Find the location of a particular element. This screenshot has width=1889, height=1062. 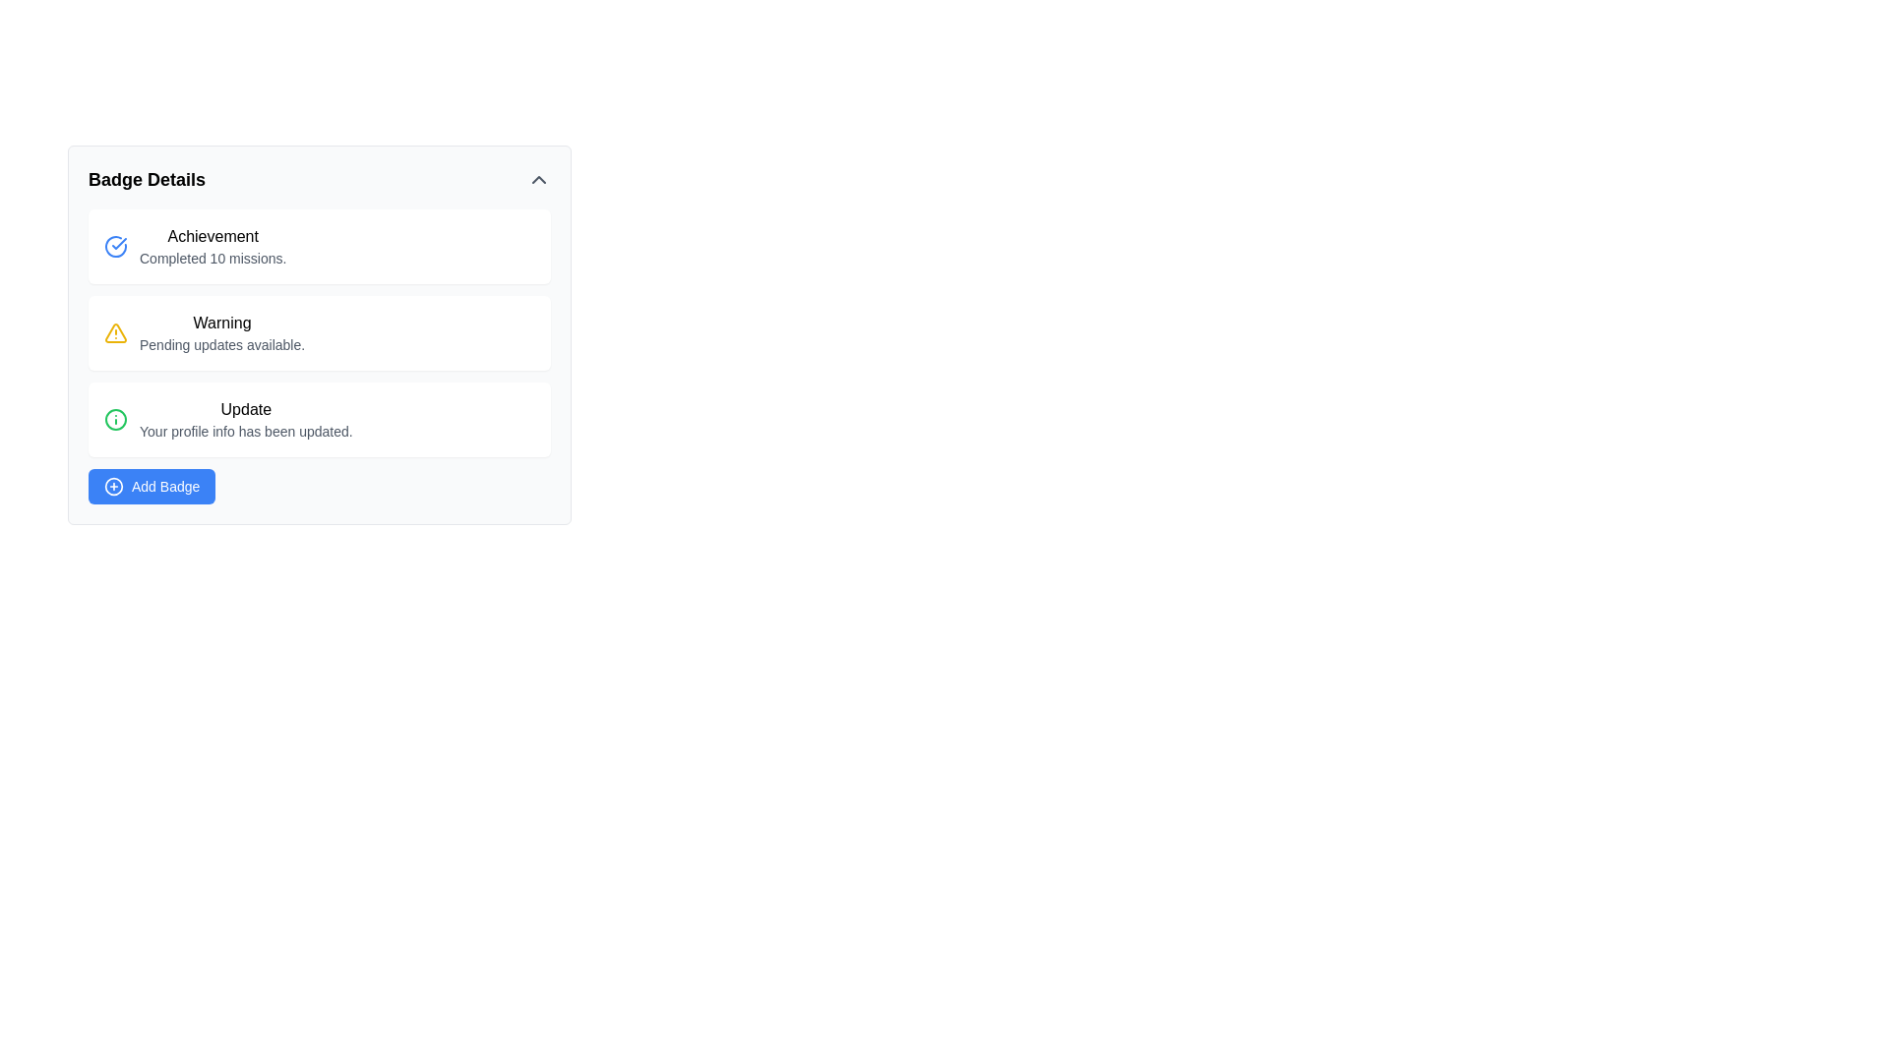

the warning details of the informational card about pending updates located in the 'Badge Details' panel, positioned between the 'Achievement' card and the 'Update' card is located at coordinates (320, 333).